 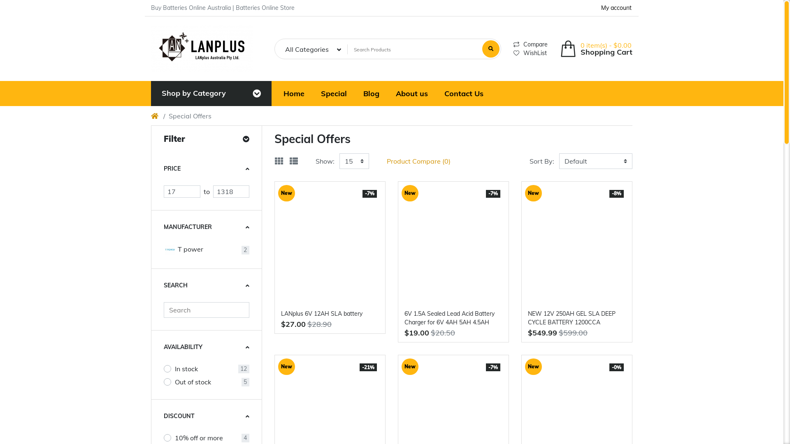 I want to click on 'Add to Cart', so click(x=427, y=347).